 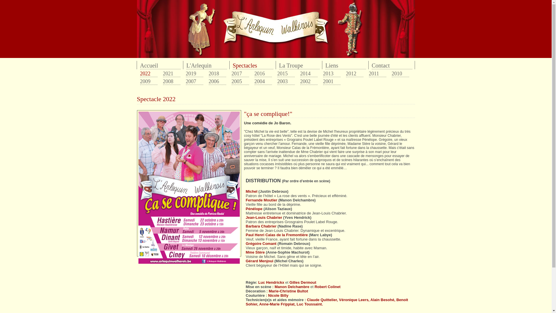 I want to click on 'Accueil', so click(x=160, y=65).